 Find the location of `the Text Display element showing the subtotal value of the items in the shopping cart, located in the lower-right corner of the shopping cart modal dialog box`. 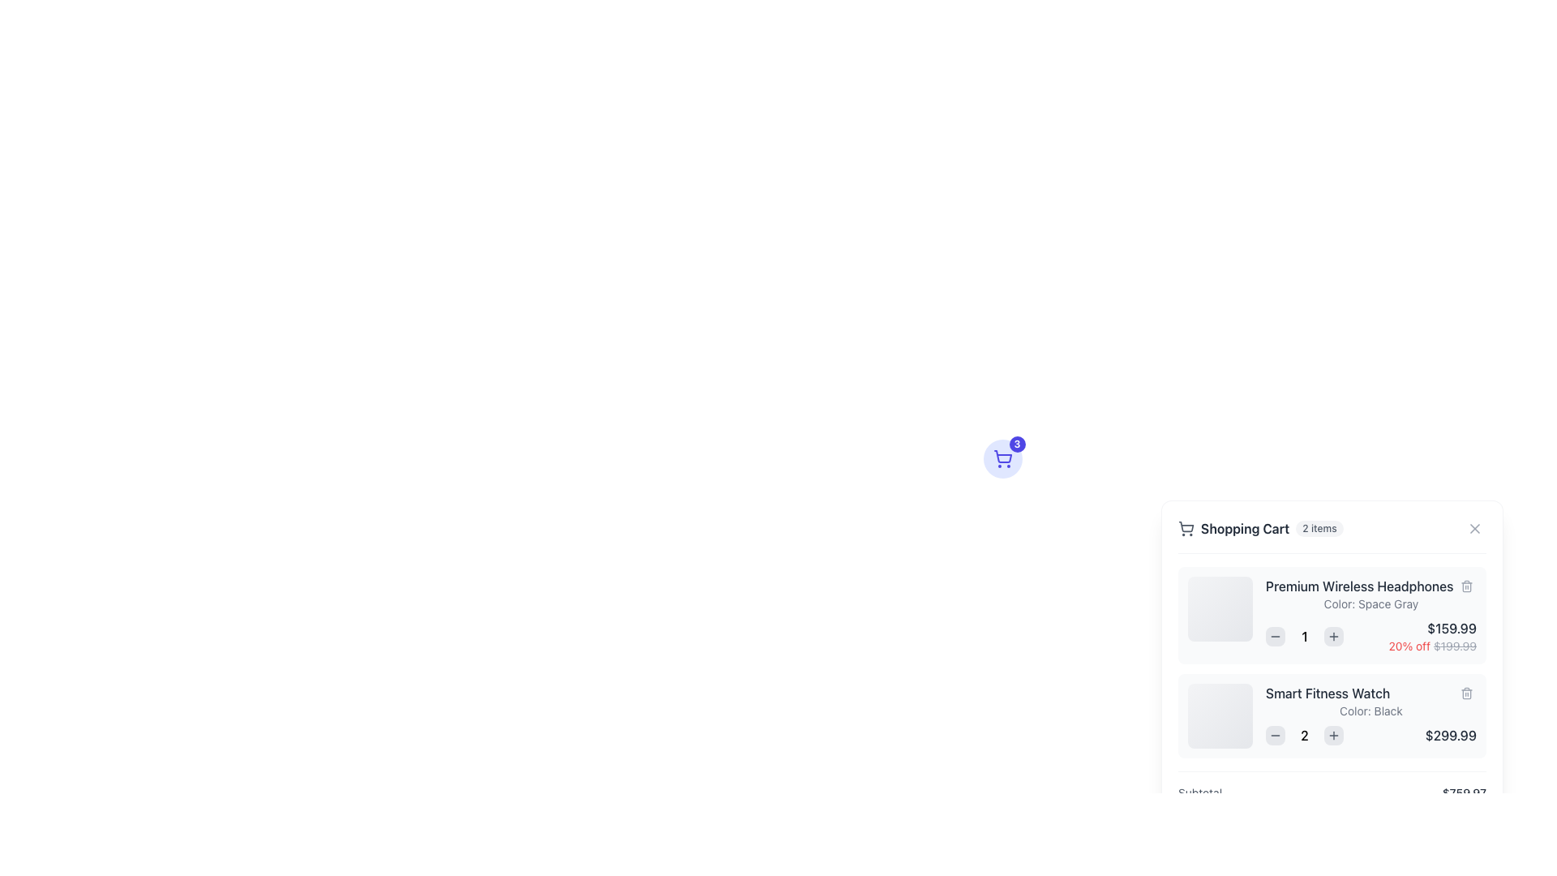

the Text Display element showing the subtotal value of the items in the shopping cart, located in the lower-right corner of the shopping cart modal dialog box is located at coordinates (1464, 792).